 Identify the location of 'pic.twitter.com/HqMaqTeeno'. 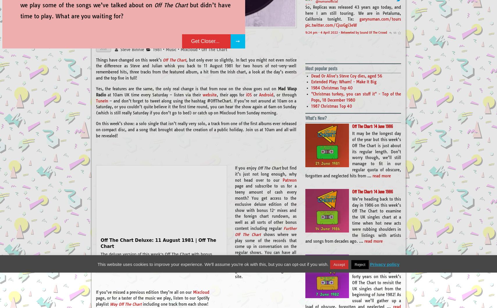
(357, 39).